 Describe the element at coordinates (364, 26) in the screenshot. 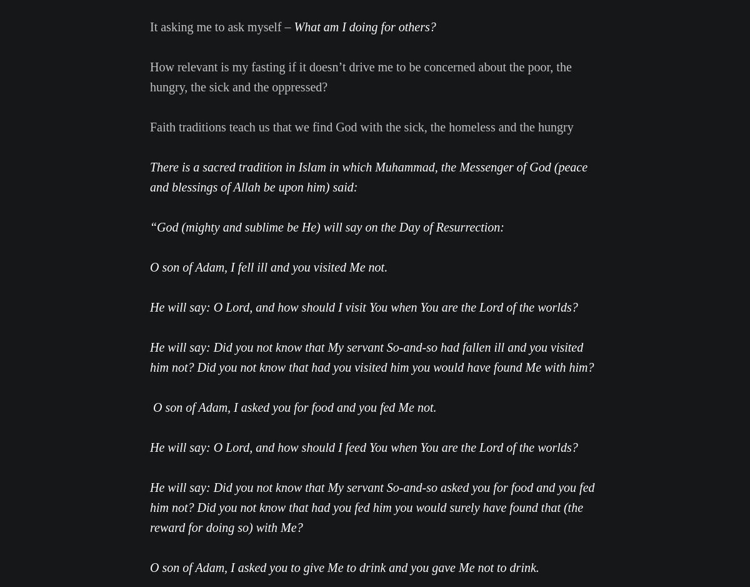

I see `'What am I doing for others?'` at that location.